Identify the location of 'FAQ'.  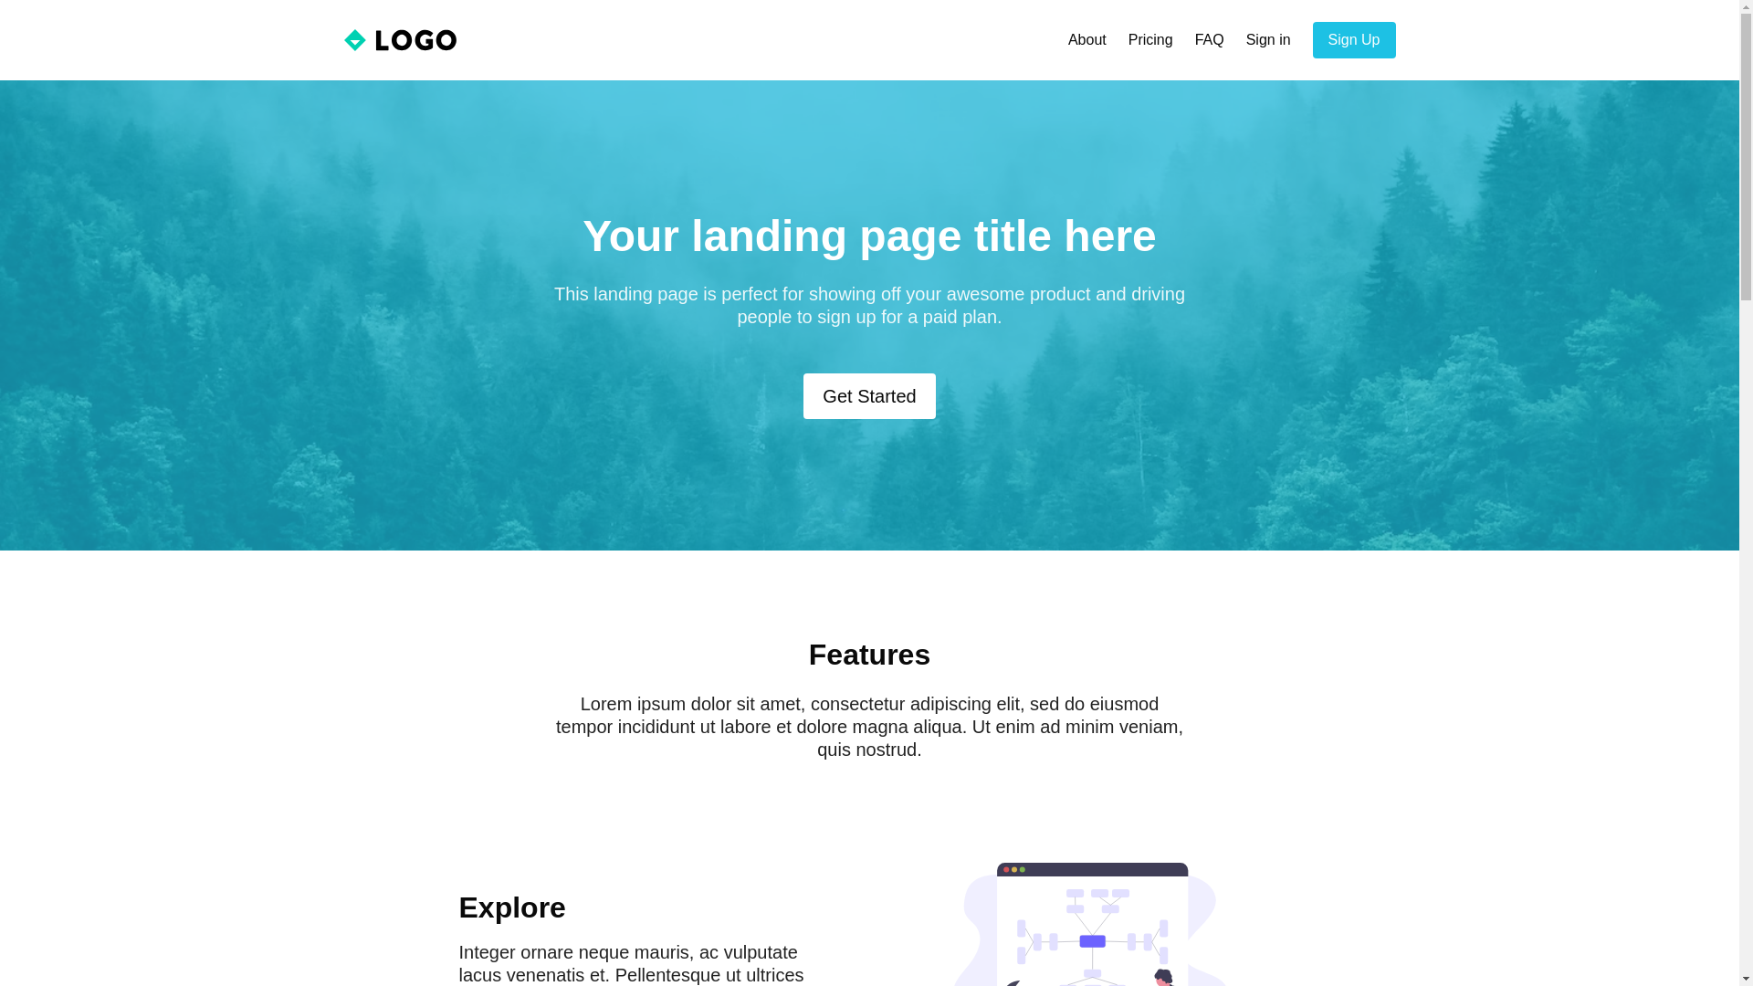
(1209, 39).